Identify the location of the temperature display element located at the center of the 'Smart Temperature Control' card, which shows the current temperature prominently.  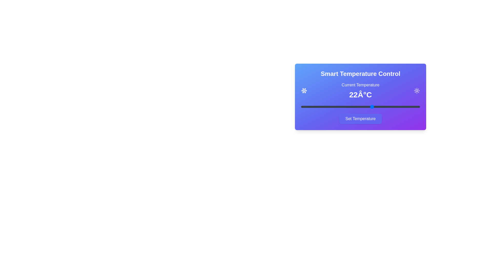
(360, 90).